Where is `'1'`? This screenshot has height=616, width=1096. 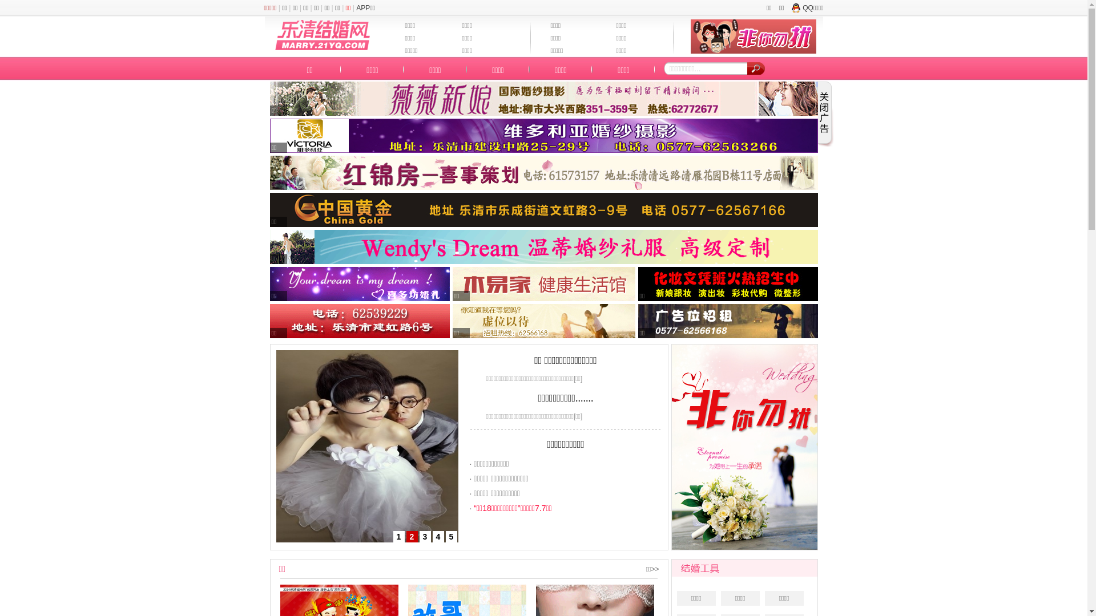 '1' is located at coordinates (392, 537).